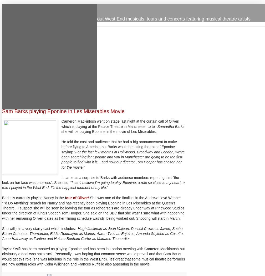 Image resolution: width=265 pixels, height=276 pixels. What do you see at coordinates (120, 124) in the screenshot?
I see `'Cameron Mackintosh went on stage last night at the curtain call of Oliver! which is playing at the Palace Theatre in Manchester to tell'` at bounding box center [120, 124].